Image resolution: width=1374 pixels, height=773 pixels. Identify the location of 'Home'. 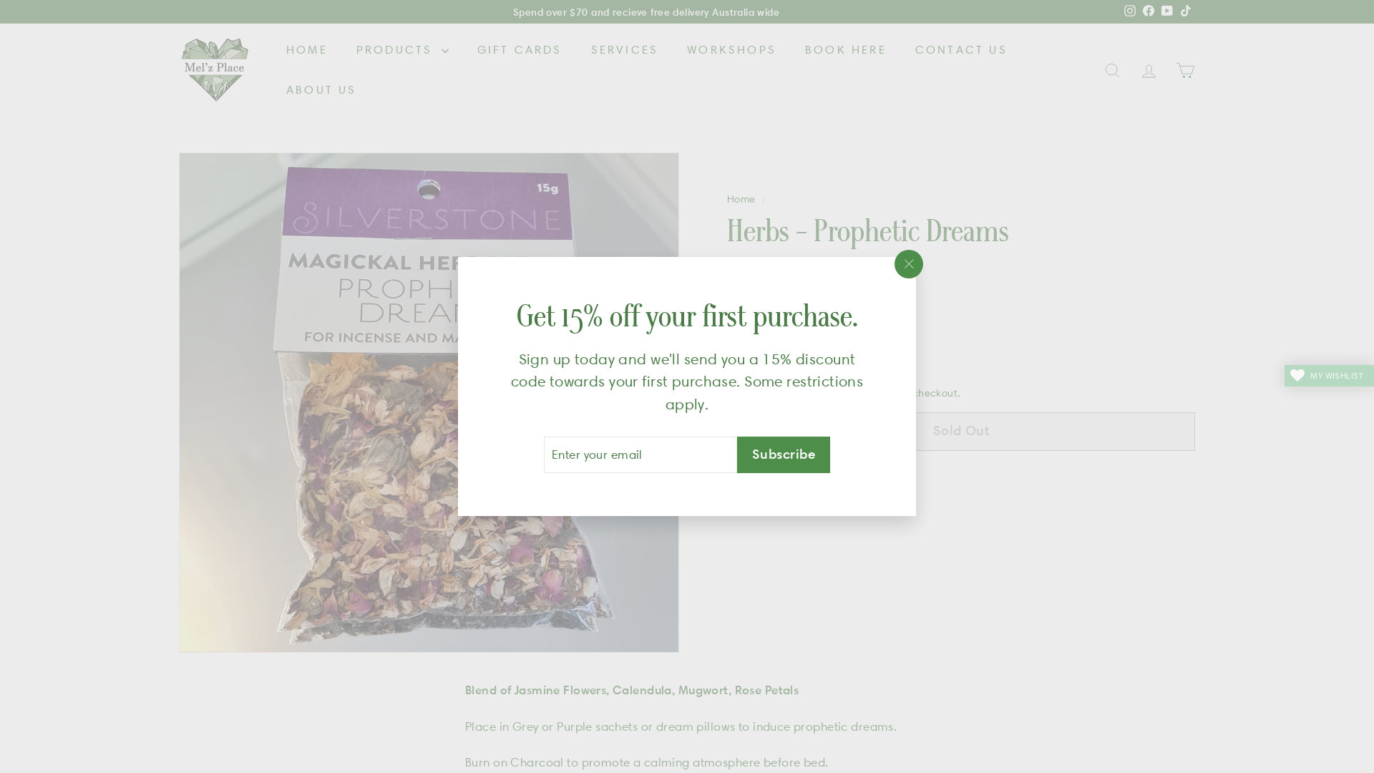
(741, 198).